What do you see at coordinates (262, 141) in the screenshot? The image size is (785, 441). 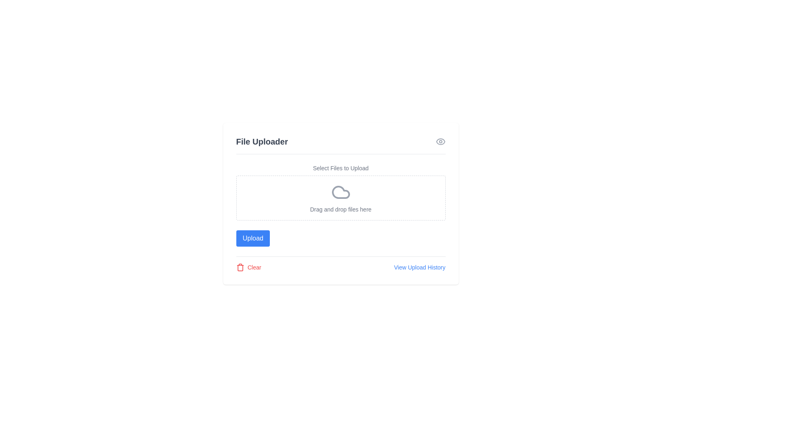 I see `the prominently styled text label 'File Uploader', which is displayed in a larger bold font and serves as a descriptive header for the section below` at bounding box center [262, 141].